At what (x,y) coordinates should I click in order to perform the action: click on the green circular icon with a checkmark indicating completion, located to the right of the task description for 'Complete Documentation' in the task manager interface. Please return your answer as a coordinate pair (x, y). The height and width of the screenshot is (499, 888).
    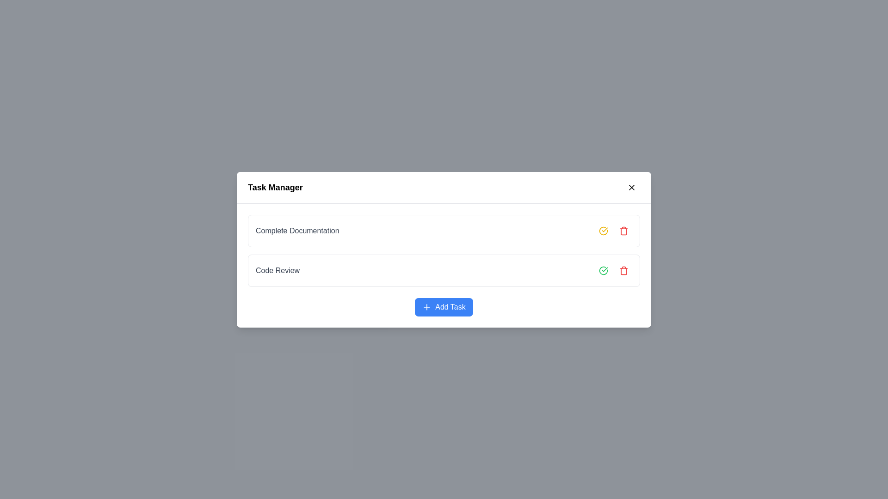
    Looking at the image, I should click on (604, 270).